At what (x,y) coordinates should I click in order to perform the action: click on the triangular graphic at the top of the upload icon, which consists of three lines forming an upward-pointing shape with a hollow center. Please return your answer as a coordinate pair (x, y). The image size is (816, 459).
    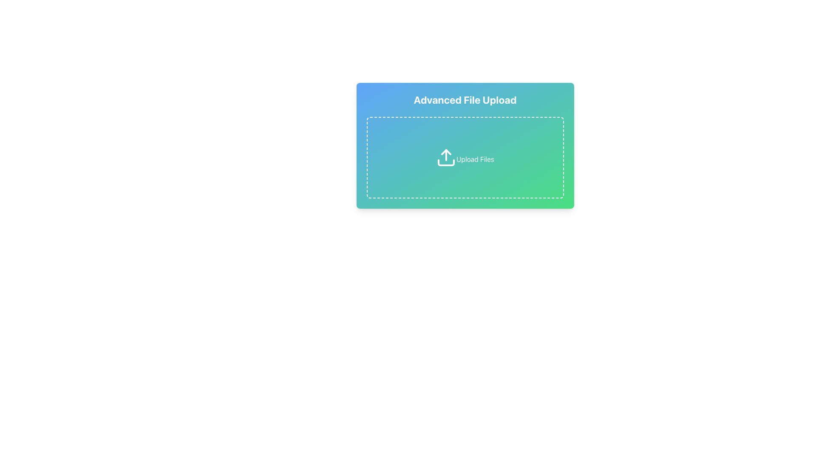
    Looking at the image, I should click on (445, 152).